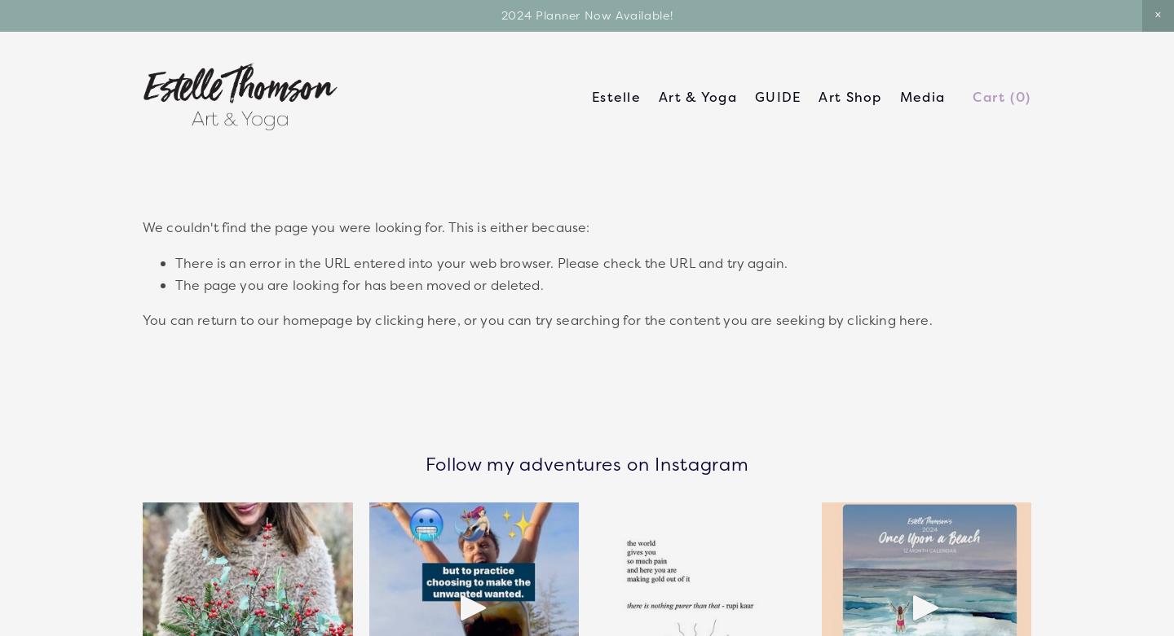  What do you see at coordinates (920, 96) in the screenshot?
I see `'Media'` at bounding box center [920, 96].